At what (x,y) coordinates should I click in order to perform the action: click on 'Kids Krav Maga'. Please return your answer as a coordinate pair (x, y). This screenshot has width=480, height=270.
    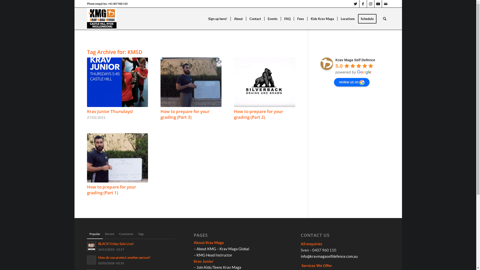
    Looking at the image, I should click on (322, 18).